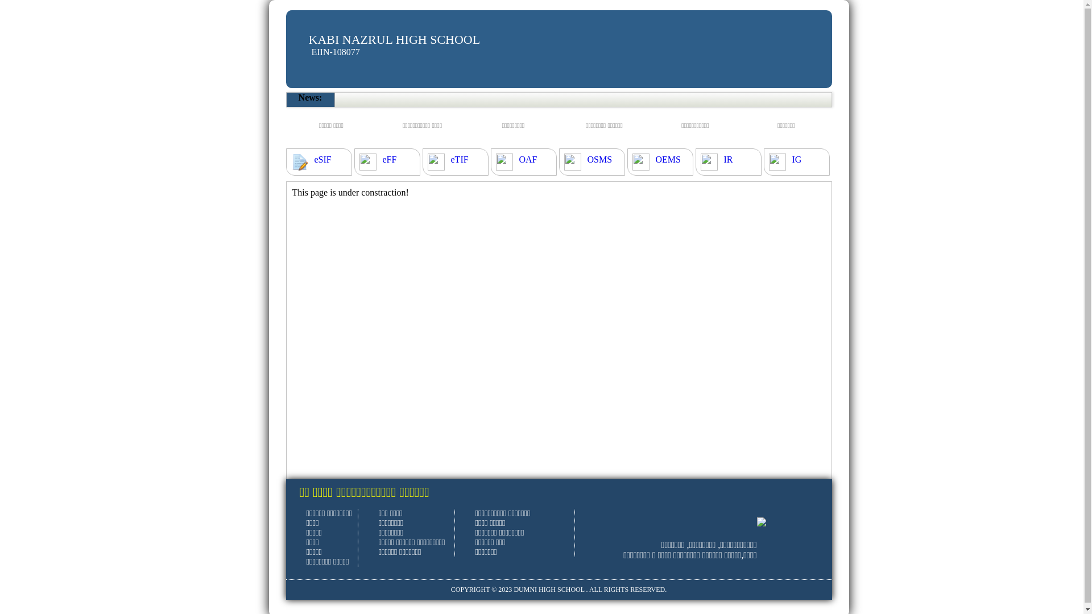  What do you see at coordinates (796, 160) in the screenshot?
I see `'IG'` at bounding box center [796, 160].